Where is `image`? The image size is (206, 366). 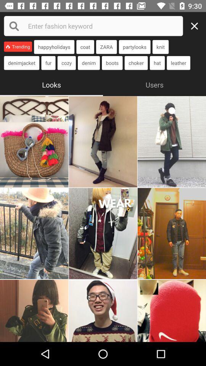
image is located at coordinates (172, 311).